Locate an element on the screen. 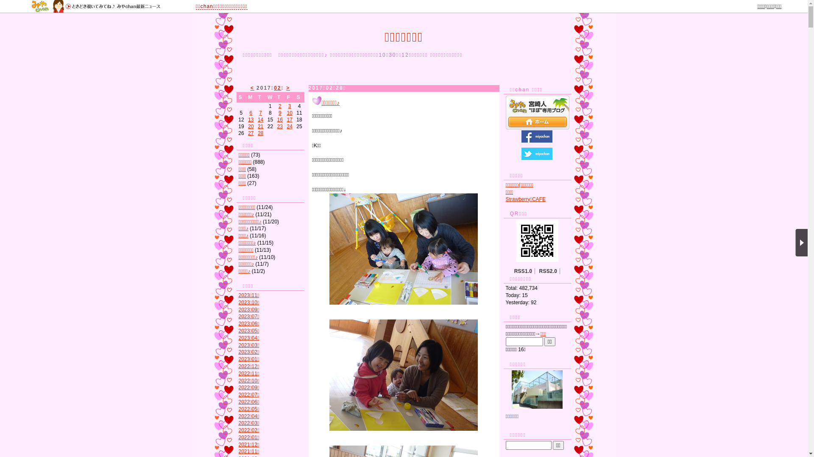 This screenshot has height=457, width=814. 'RSS2.0' is located at coordinates (548, 271).